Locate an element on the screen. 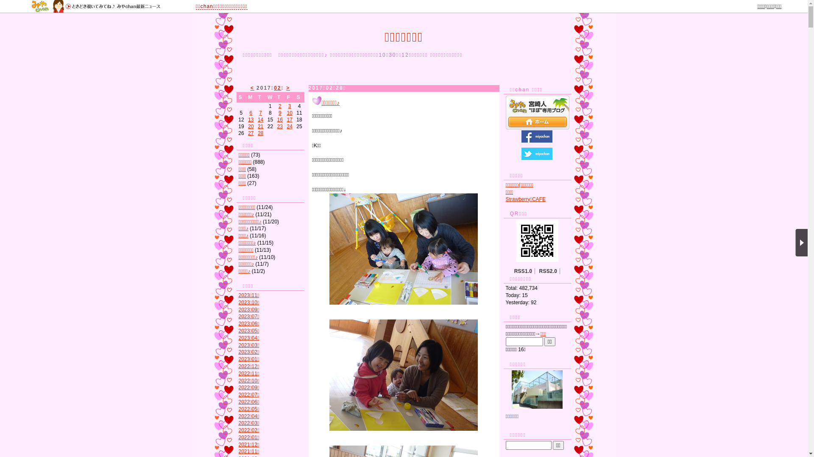 This screenshot has height=457, width=814. 'RSS2.0' is located at coordinates (548, 271).